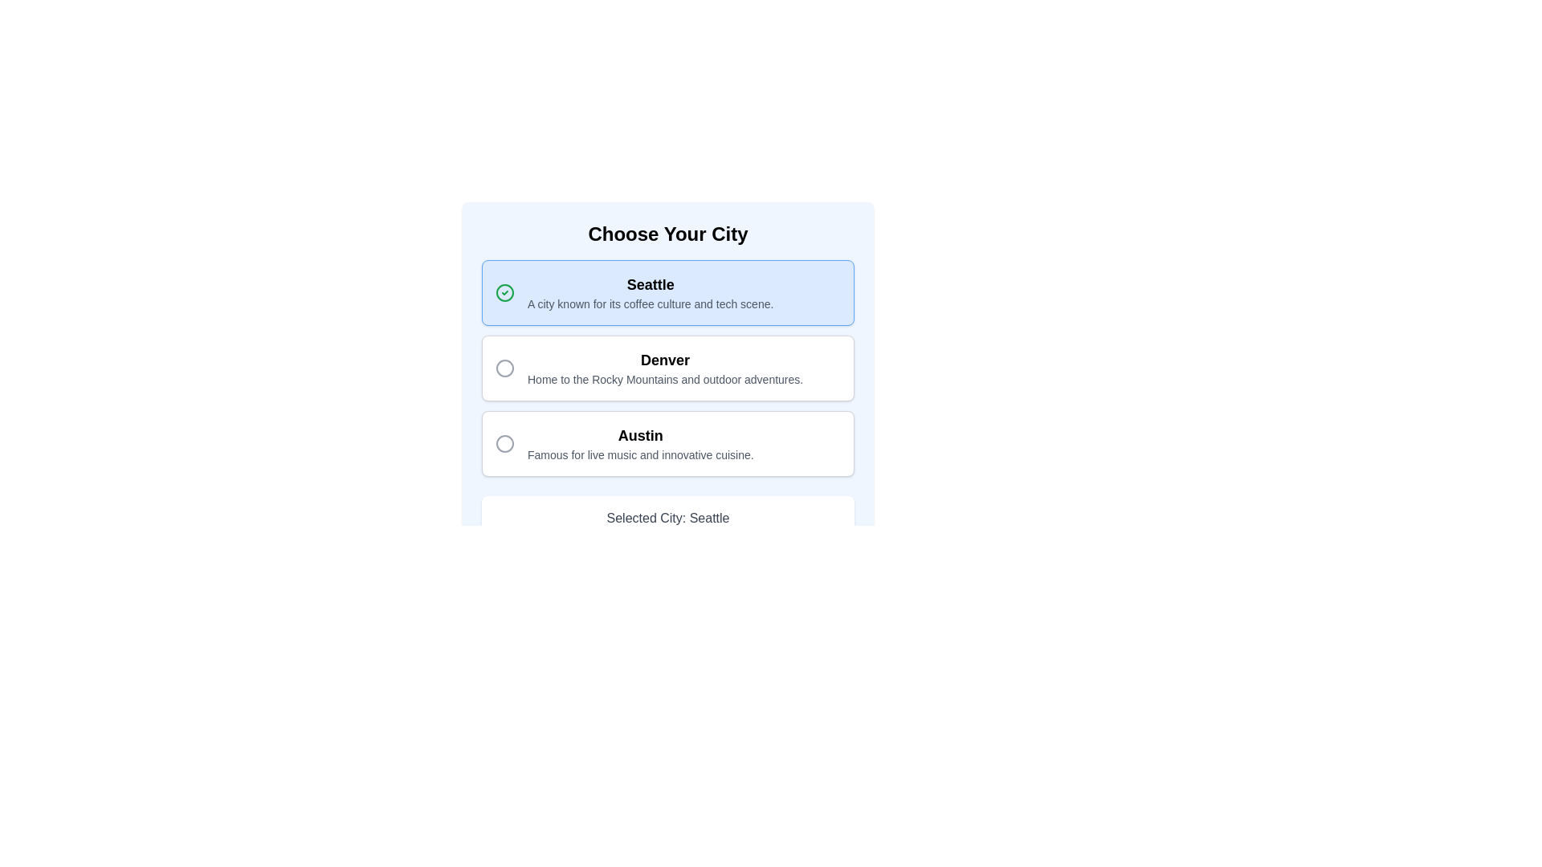  What do you see at coordinates (504, 368) in the screenshot?
I see `the radio button for the city option 'Denver' located in the 'Choose Your City' card interface` at bounding box center [504, 368].